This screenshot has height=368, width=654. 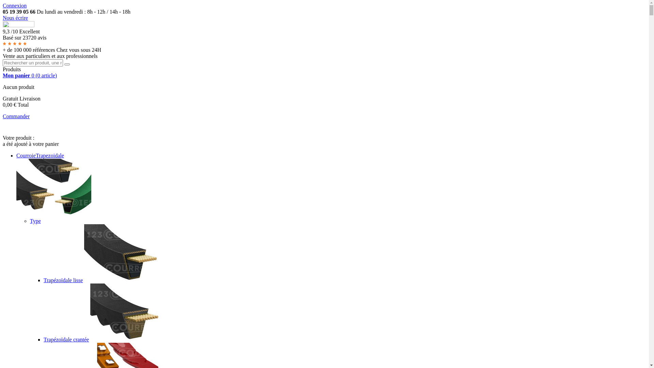 What do you see at coordinates (40, 155) in the screenshot?
I see `'CourroieTrapezoidale'` at bounding box center [40, 155].